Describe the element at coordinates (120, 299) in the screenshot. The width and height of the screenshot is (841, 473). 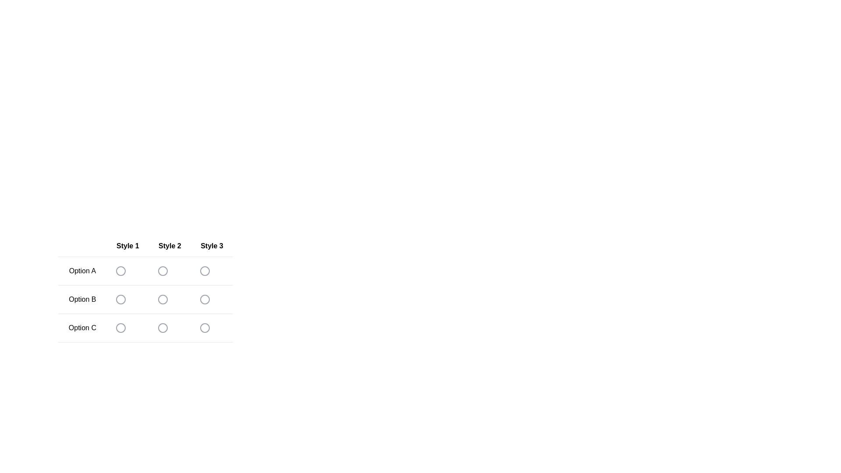
I see `the 'Style 1' radio button located in the second row under 'Option B'` at that location.